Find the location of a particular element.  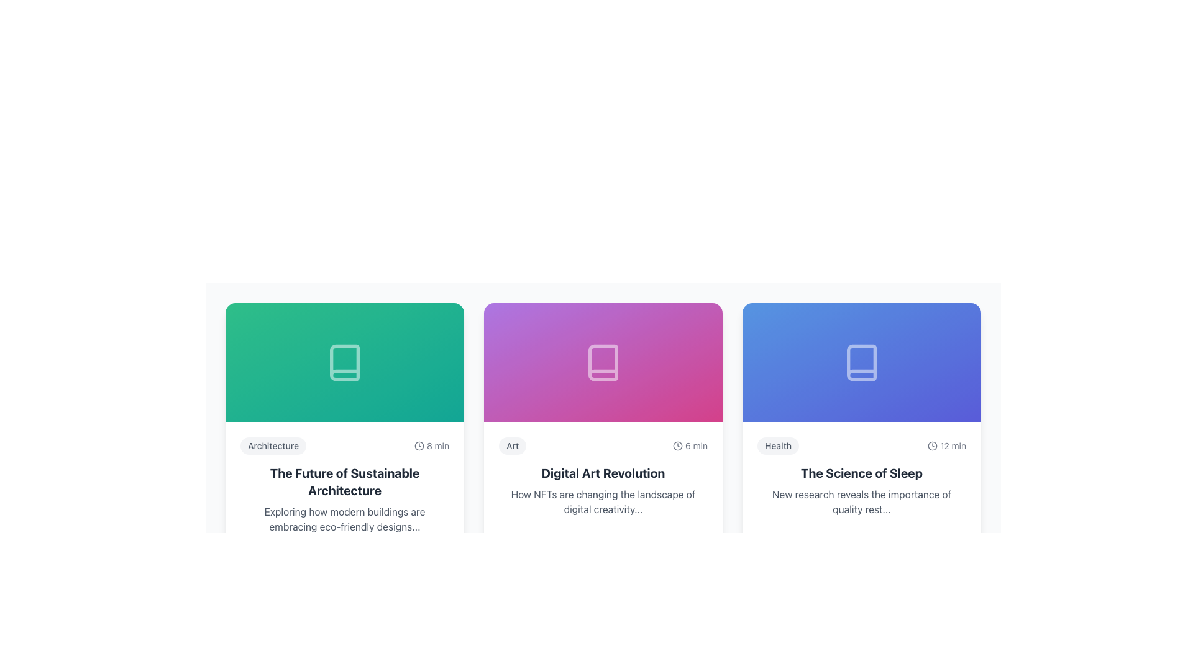

the estimated time duration icon and text label grouping located to the right of the 'Health' label is located at coordinates (946, 445).